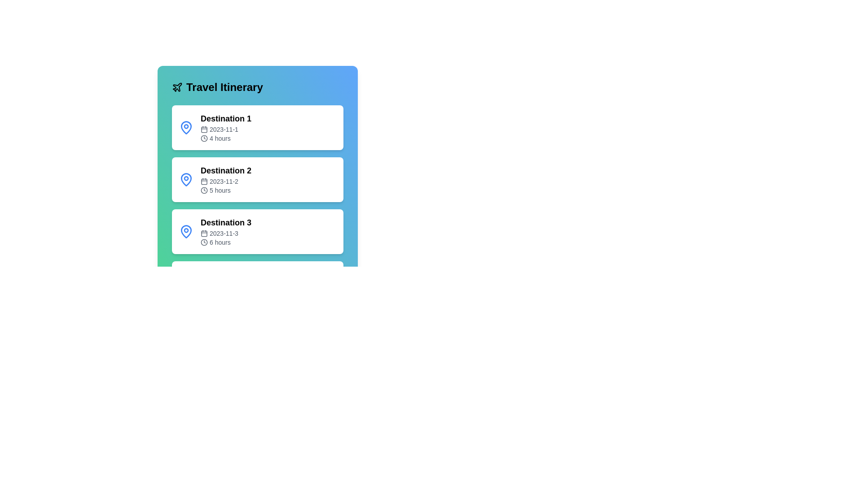 This screenshot has height=484, width=862. Describe the element at coordinates (204, 242) in the screenshot. I see `the circular graphical component that represents the clock face, located to the left of the '6 hours' text in the 'Destination 3' section` at that location.